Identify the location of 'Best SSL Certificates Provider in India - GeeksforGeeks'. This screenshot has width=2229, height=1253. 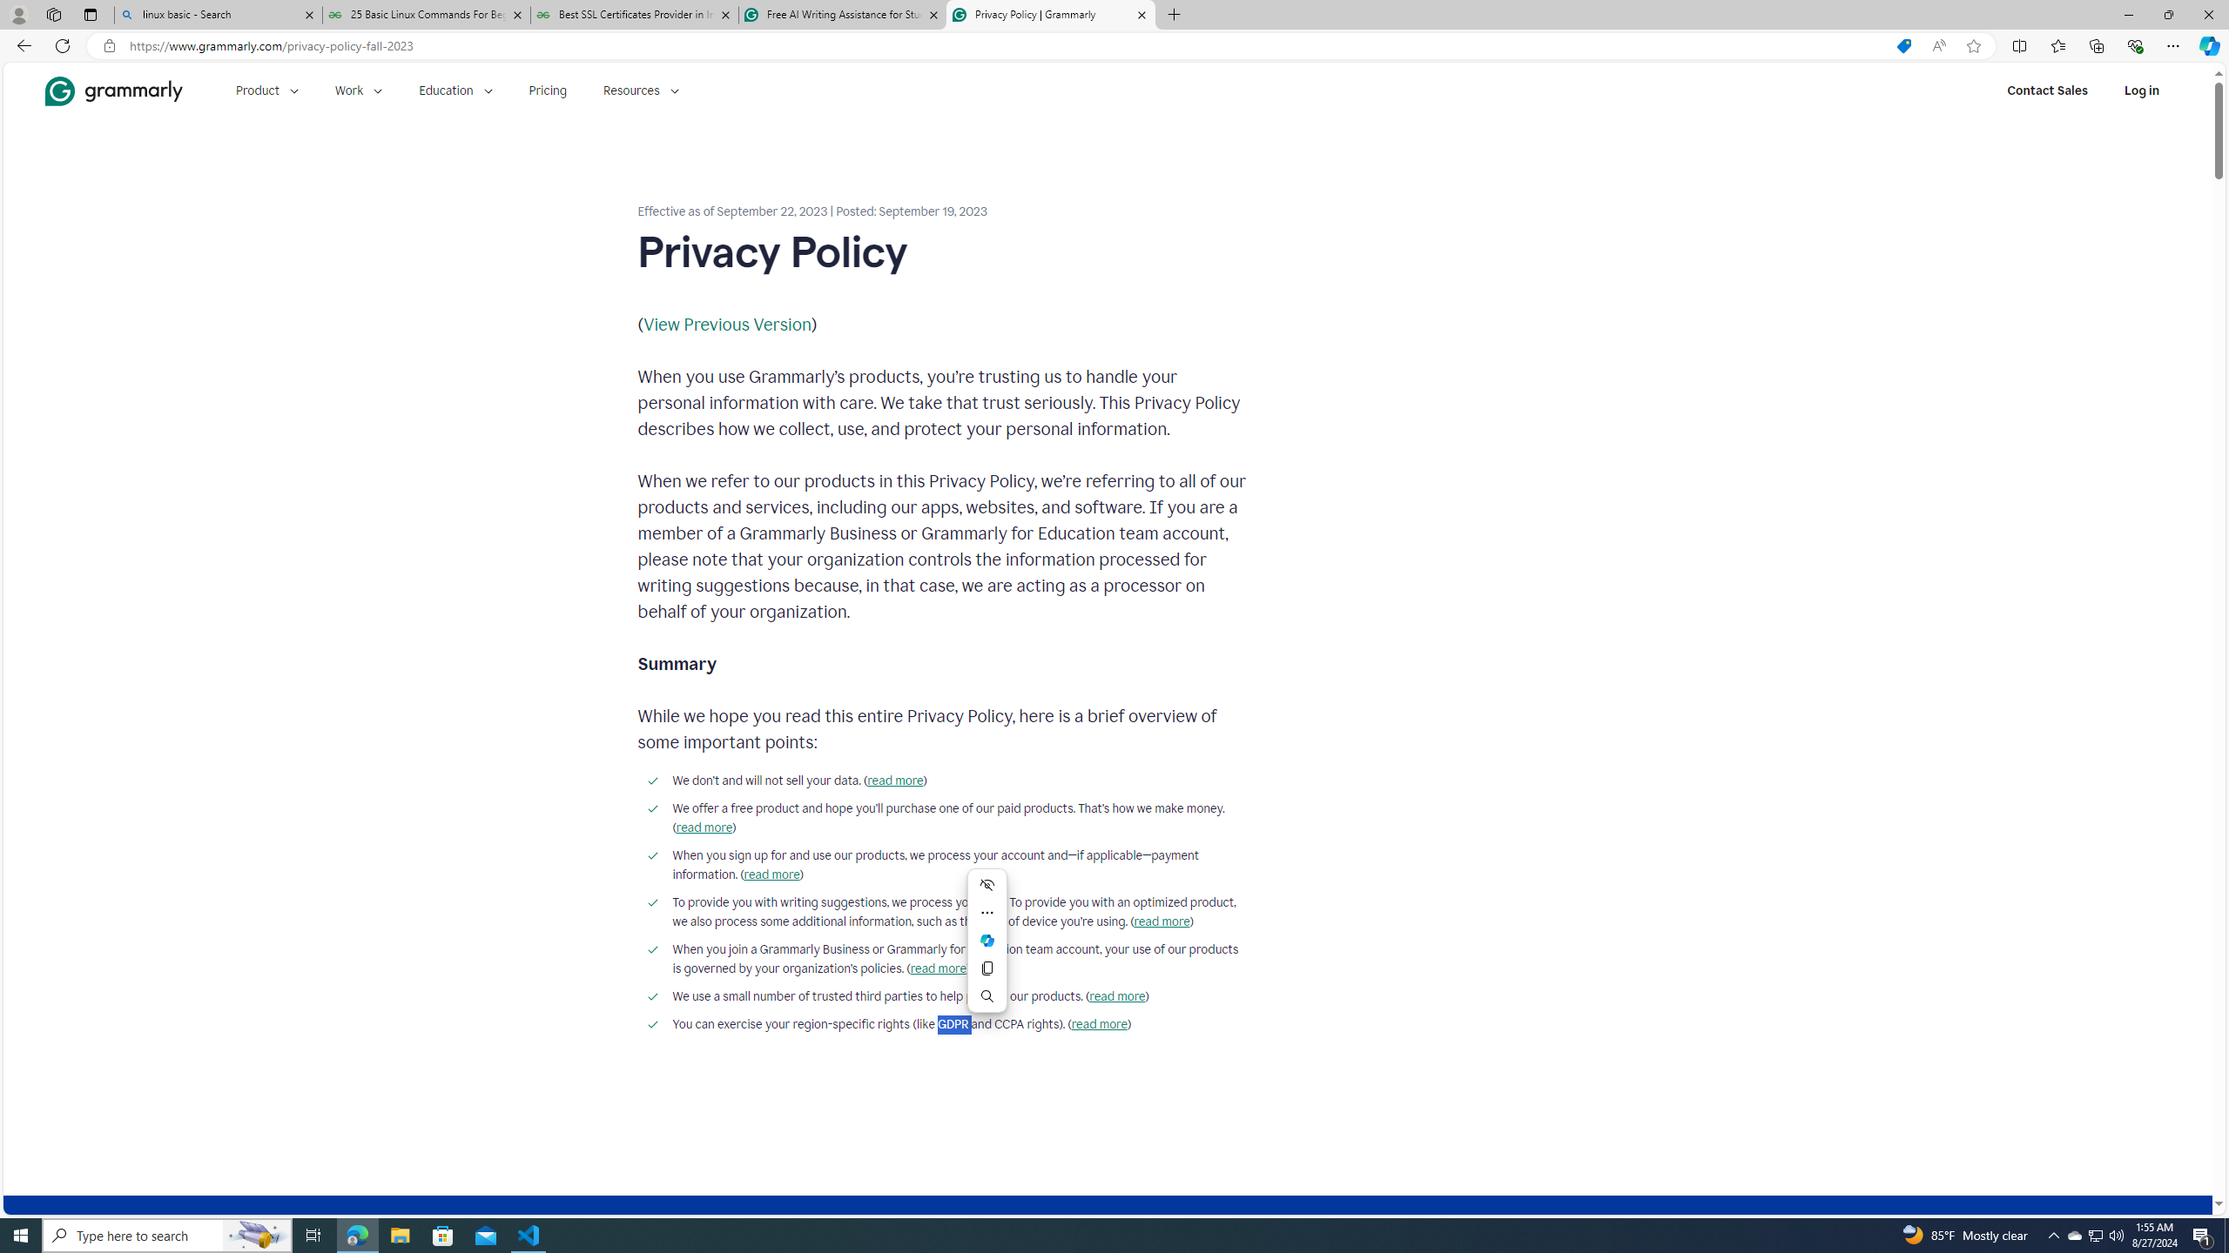
(635, 14).